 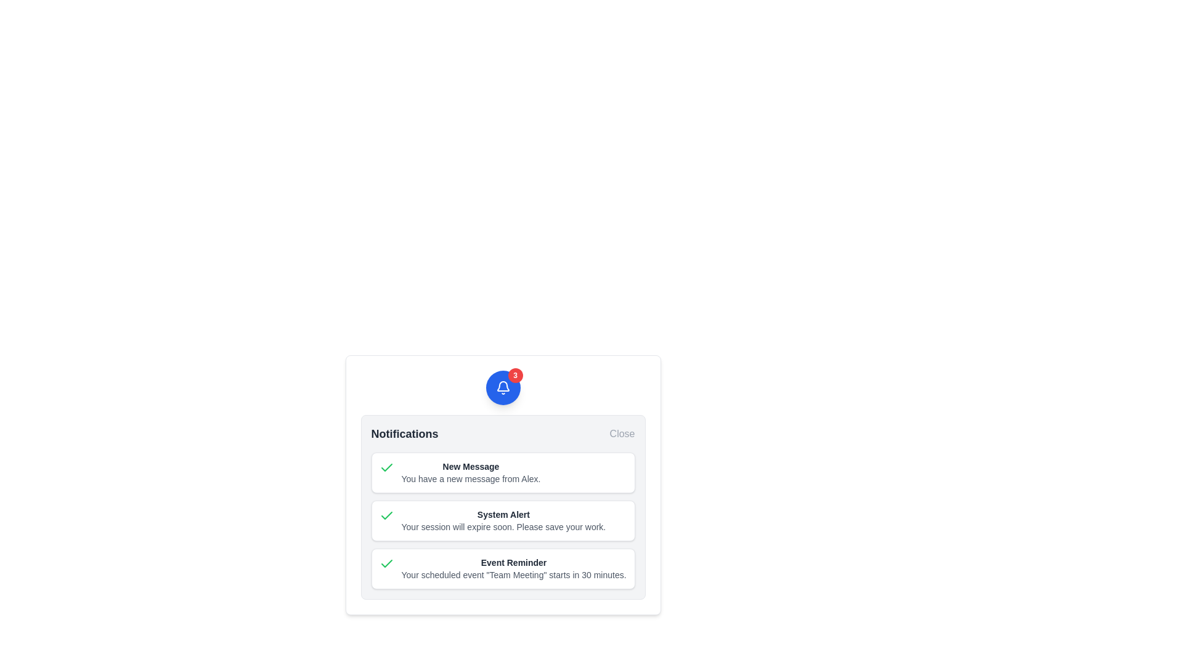 What do you see at coordinates (514, 563) in the screenshot?
I see `bold text label 'Event Reminder' located at the top of the last notification in the modal panel` at bounding box center [514, 563].